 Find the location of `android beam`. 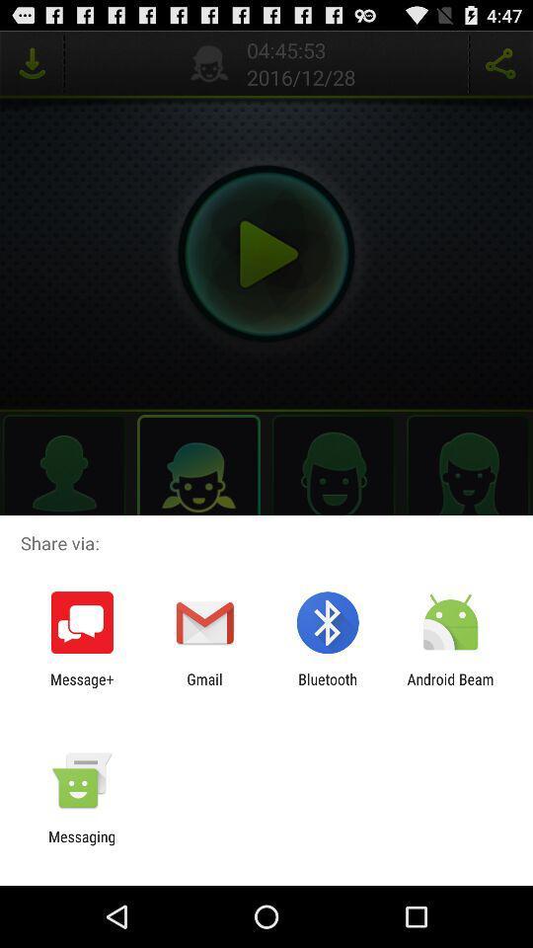

android beam is located at coordinates (450, 687).